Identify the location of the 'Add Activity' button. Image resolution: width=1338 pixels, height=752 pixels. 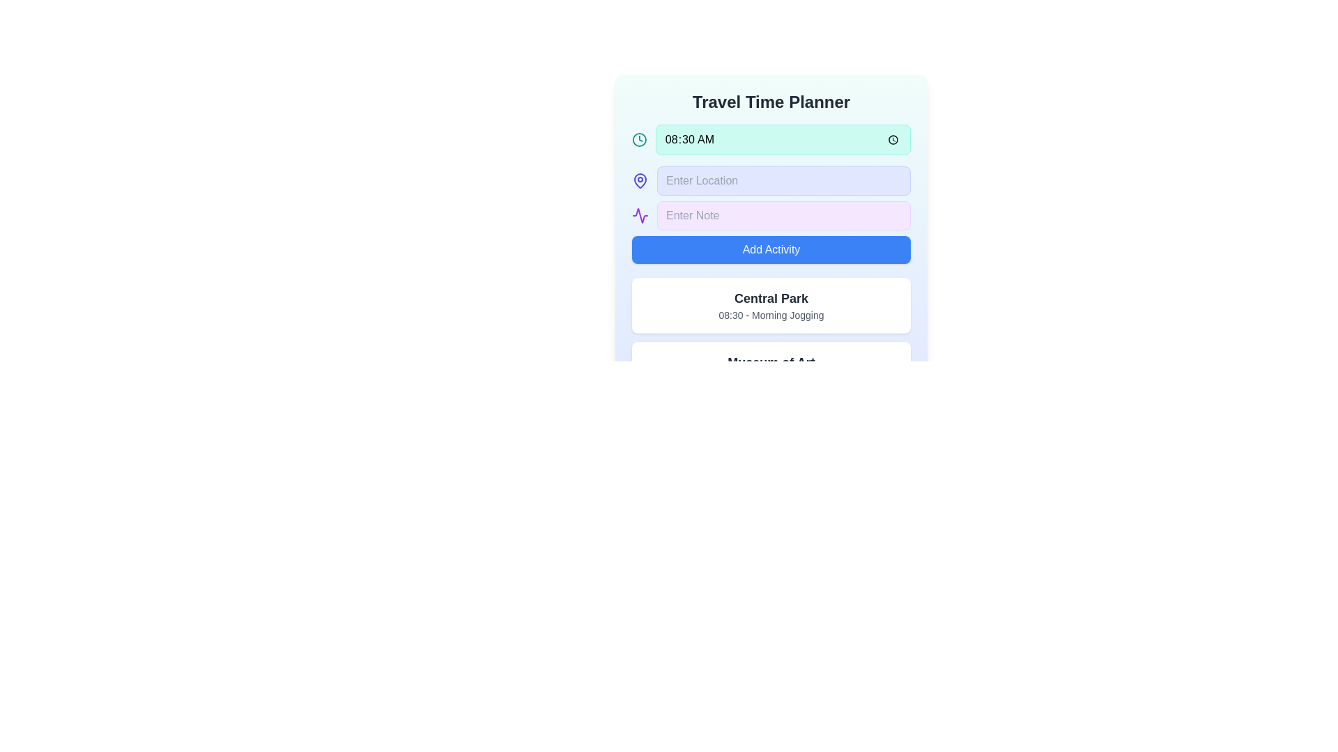
(771, 249).